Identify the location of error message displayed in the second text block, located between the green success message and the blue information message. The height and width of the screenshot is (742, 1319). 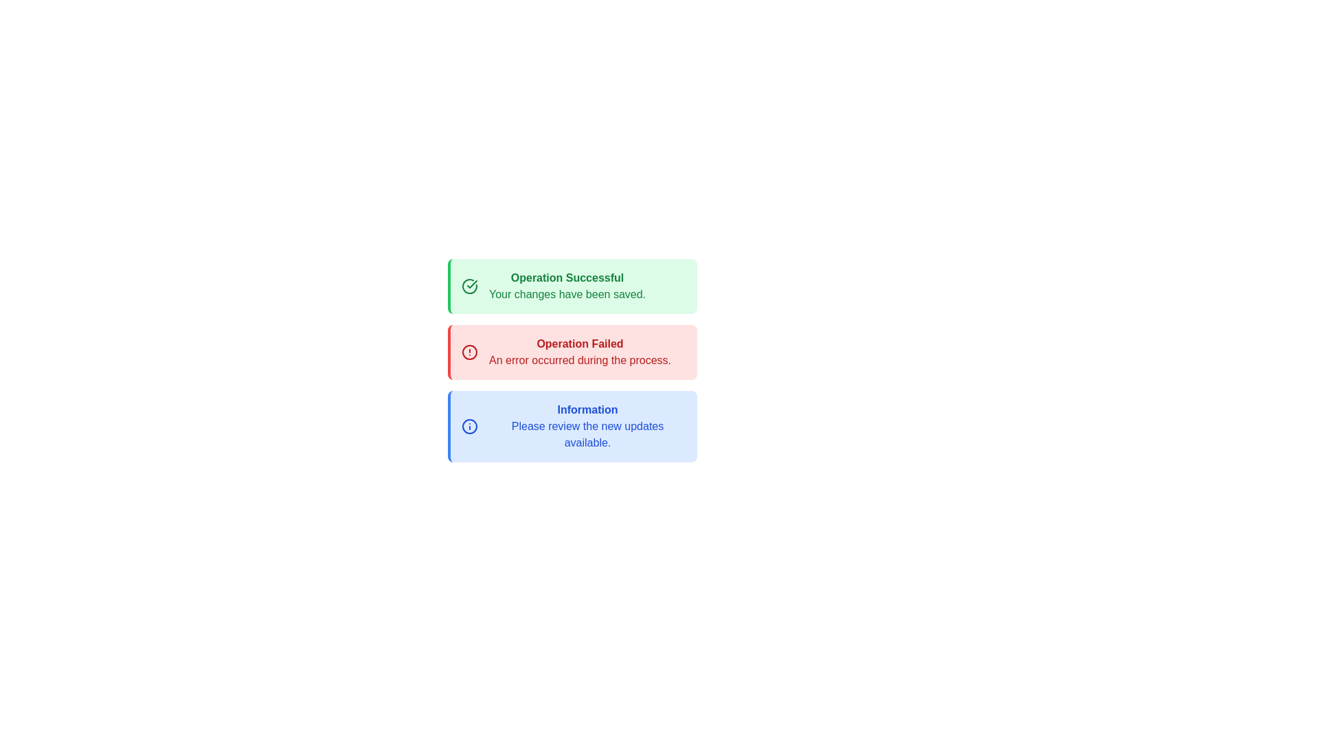
(580, 352).